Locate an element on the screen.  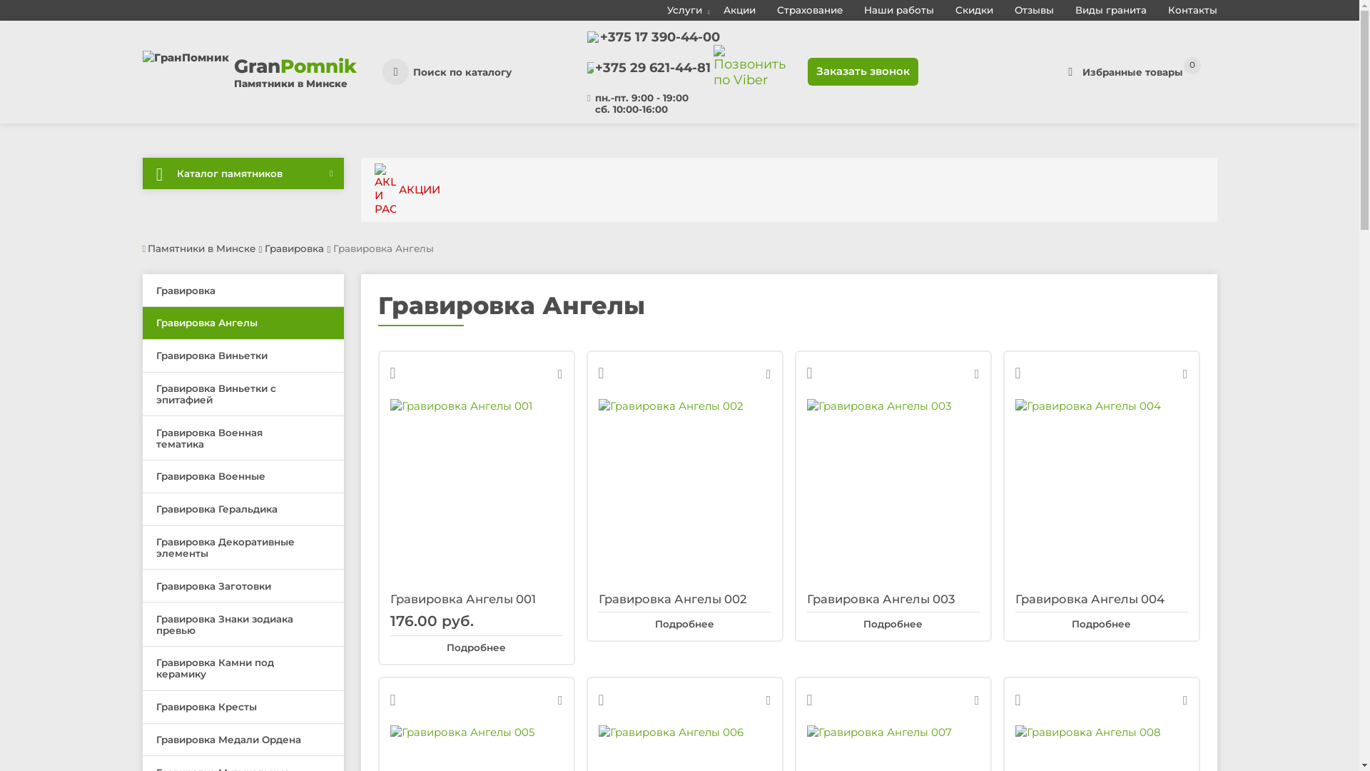
'+375 29 621-44-81' is located at coordinates (652, 68).